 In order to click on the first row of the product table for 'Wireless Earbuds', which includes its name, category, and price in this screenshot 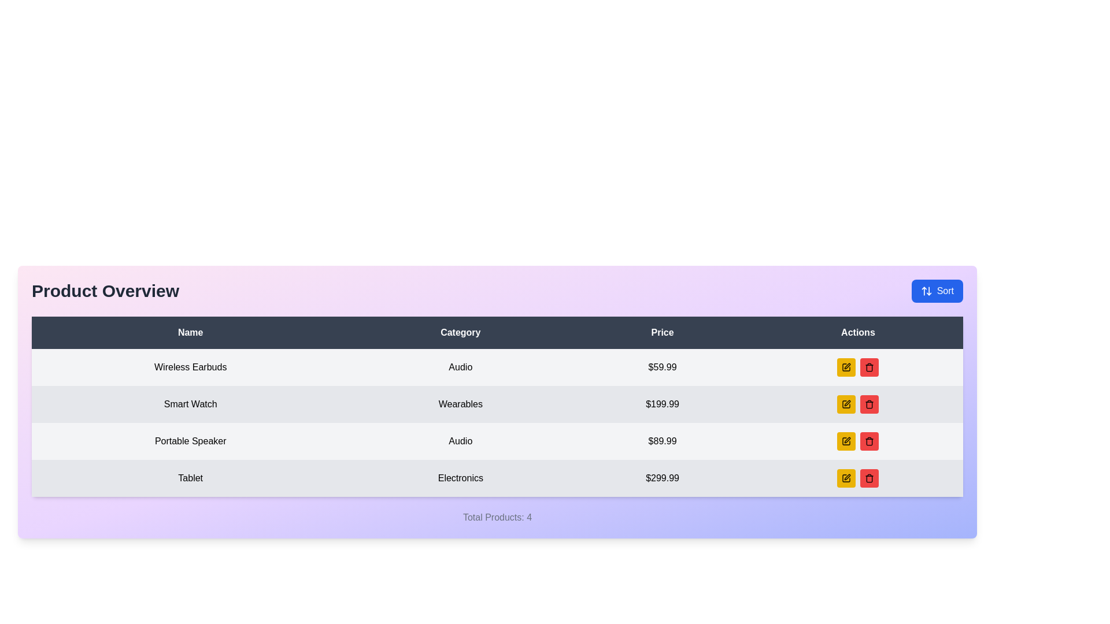, I will do `click(497, 367)`.